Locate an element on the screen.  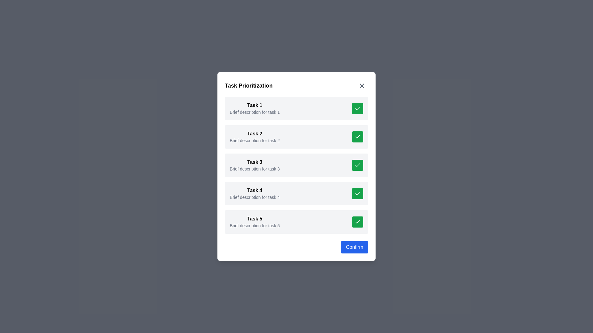
the heading label for task 5 is located at coordinates (255, 218).